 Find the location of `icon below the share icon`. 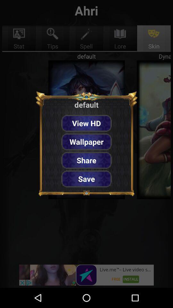

icon below the share icon is located at coordinates (86, 179).